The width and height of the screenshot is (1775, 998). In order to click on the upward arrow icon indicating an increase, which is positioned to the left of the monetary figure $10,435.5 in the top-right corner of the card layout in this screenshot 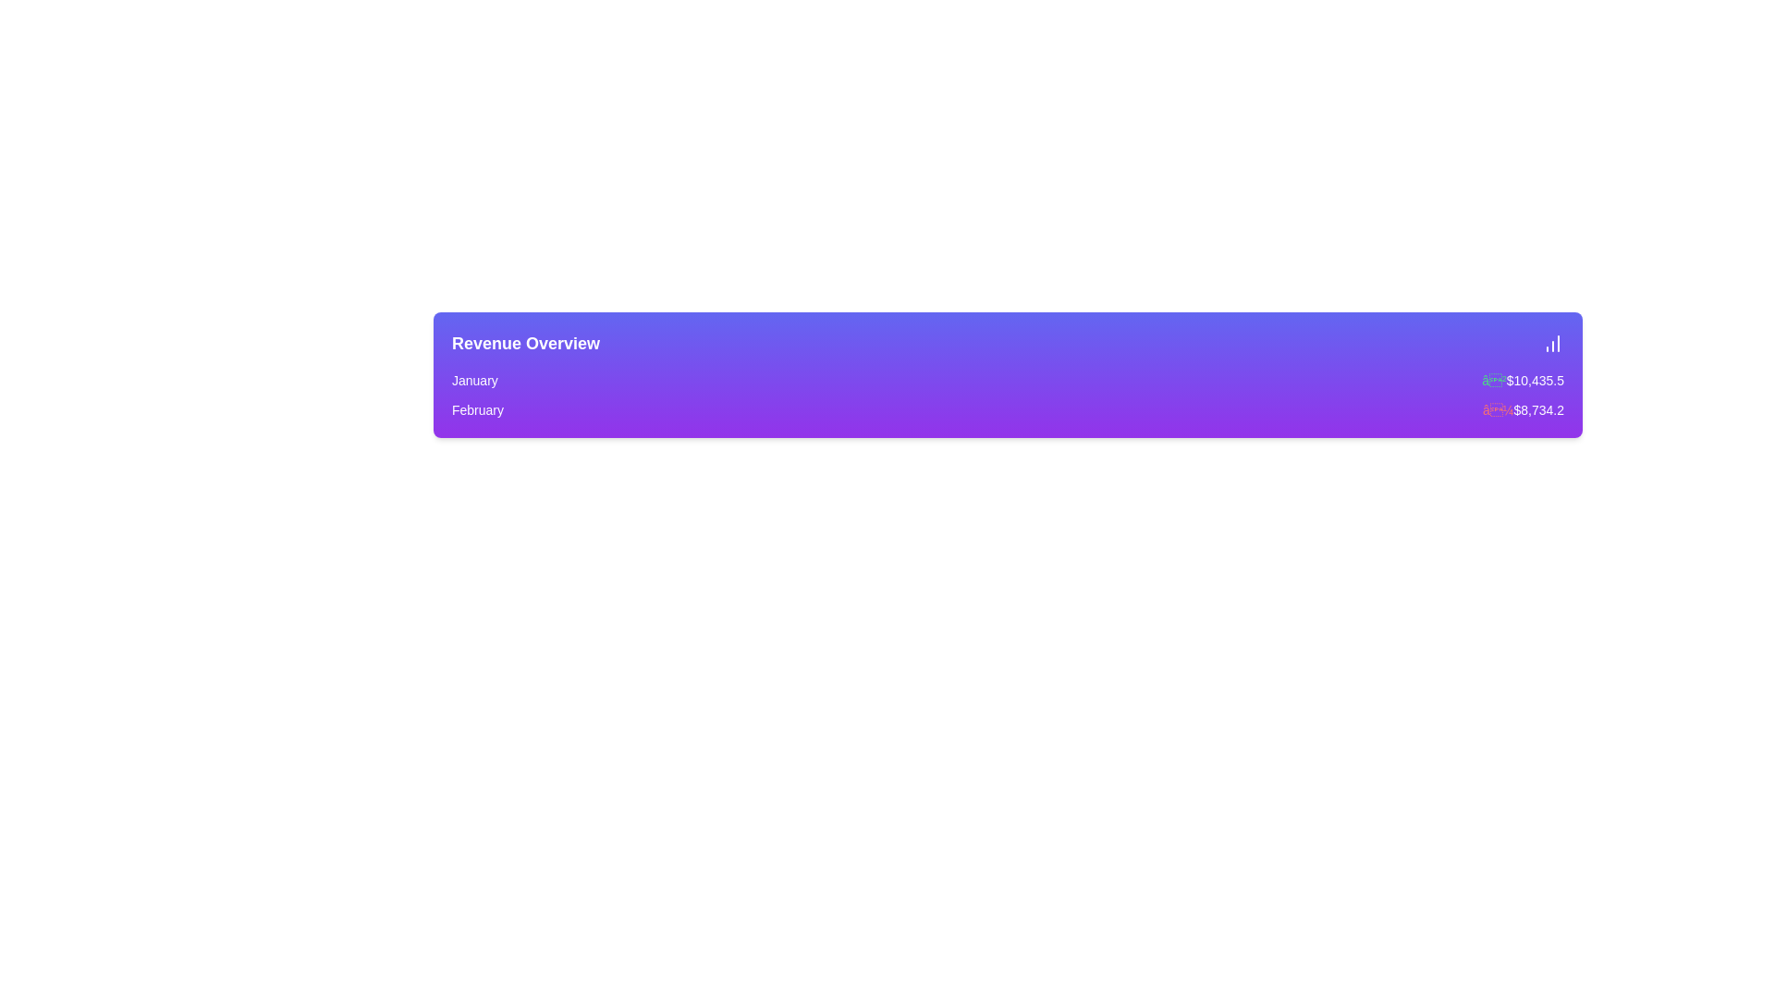, I will do `click(1494, 380)`.